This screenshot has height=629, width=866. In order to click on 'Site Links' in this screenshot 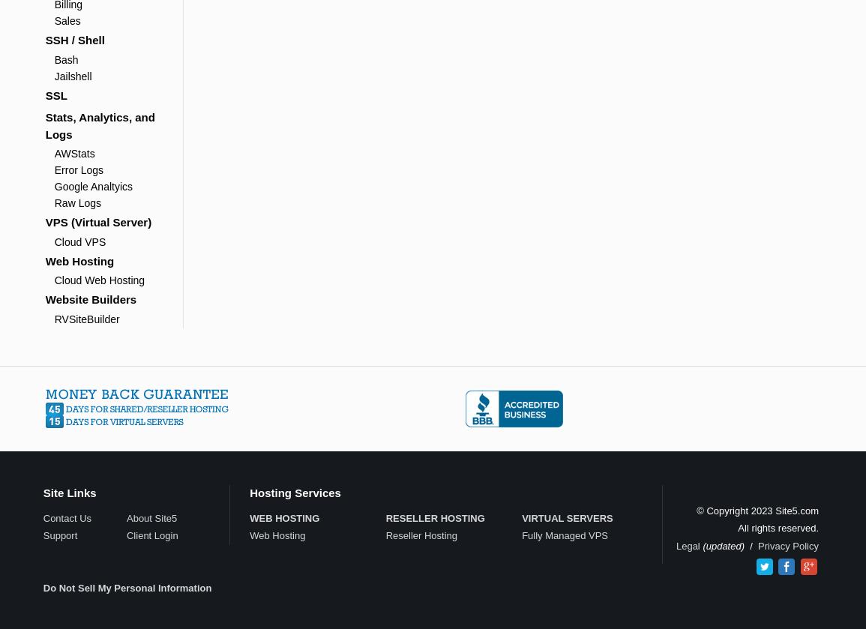, I will do `click(69, 491)`.